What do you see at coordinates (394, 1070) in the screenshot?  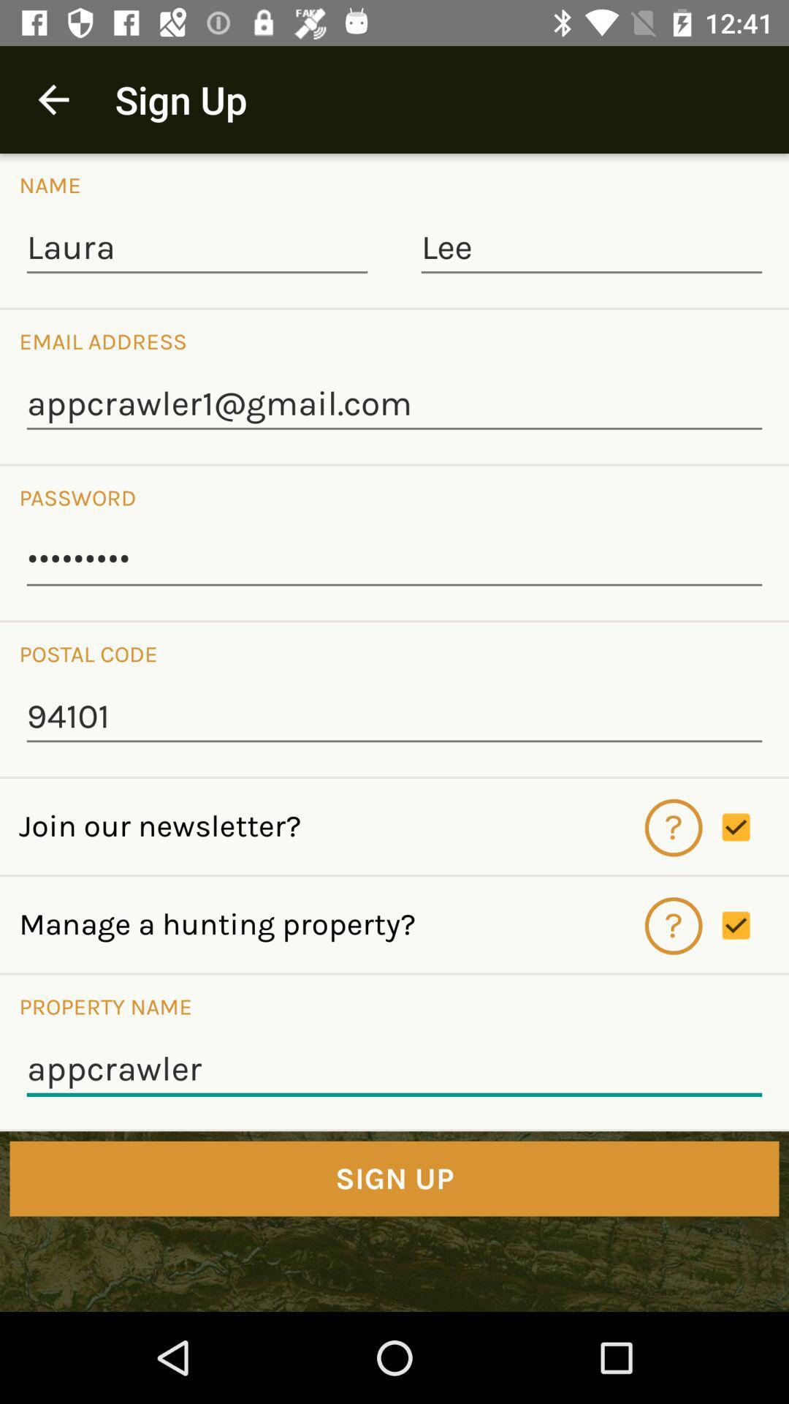 I see `appcrawler` at bounding box center [394, 1070].